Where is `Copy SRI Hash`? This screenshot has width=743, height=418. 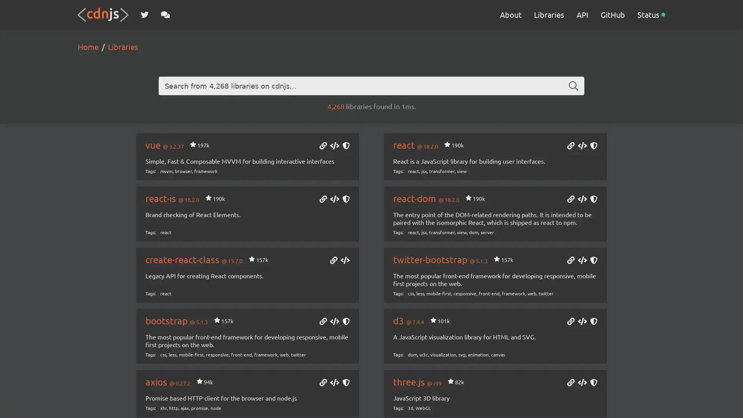 Copy SRI Hash is located at coordinates (345, 199).